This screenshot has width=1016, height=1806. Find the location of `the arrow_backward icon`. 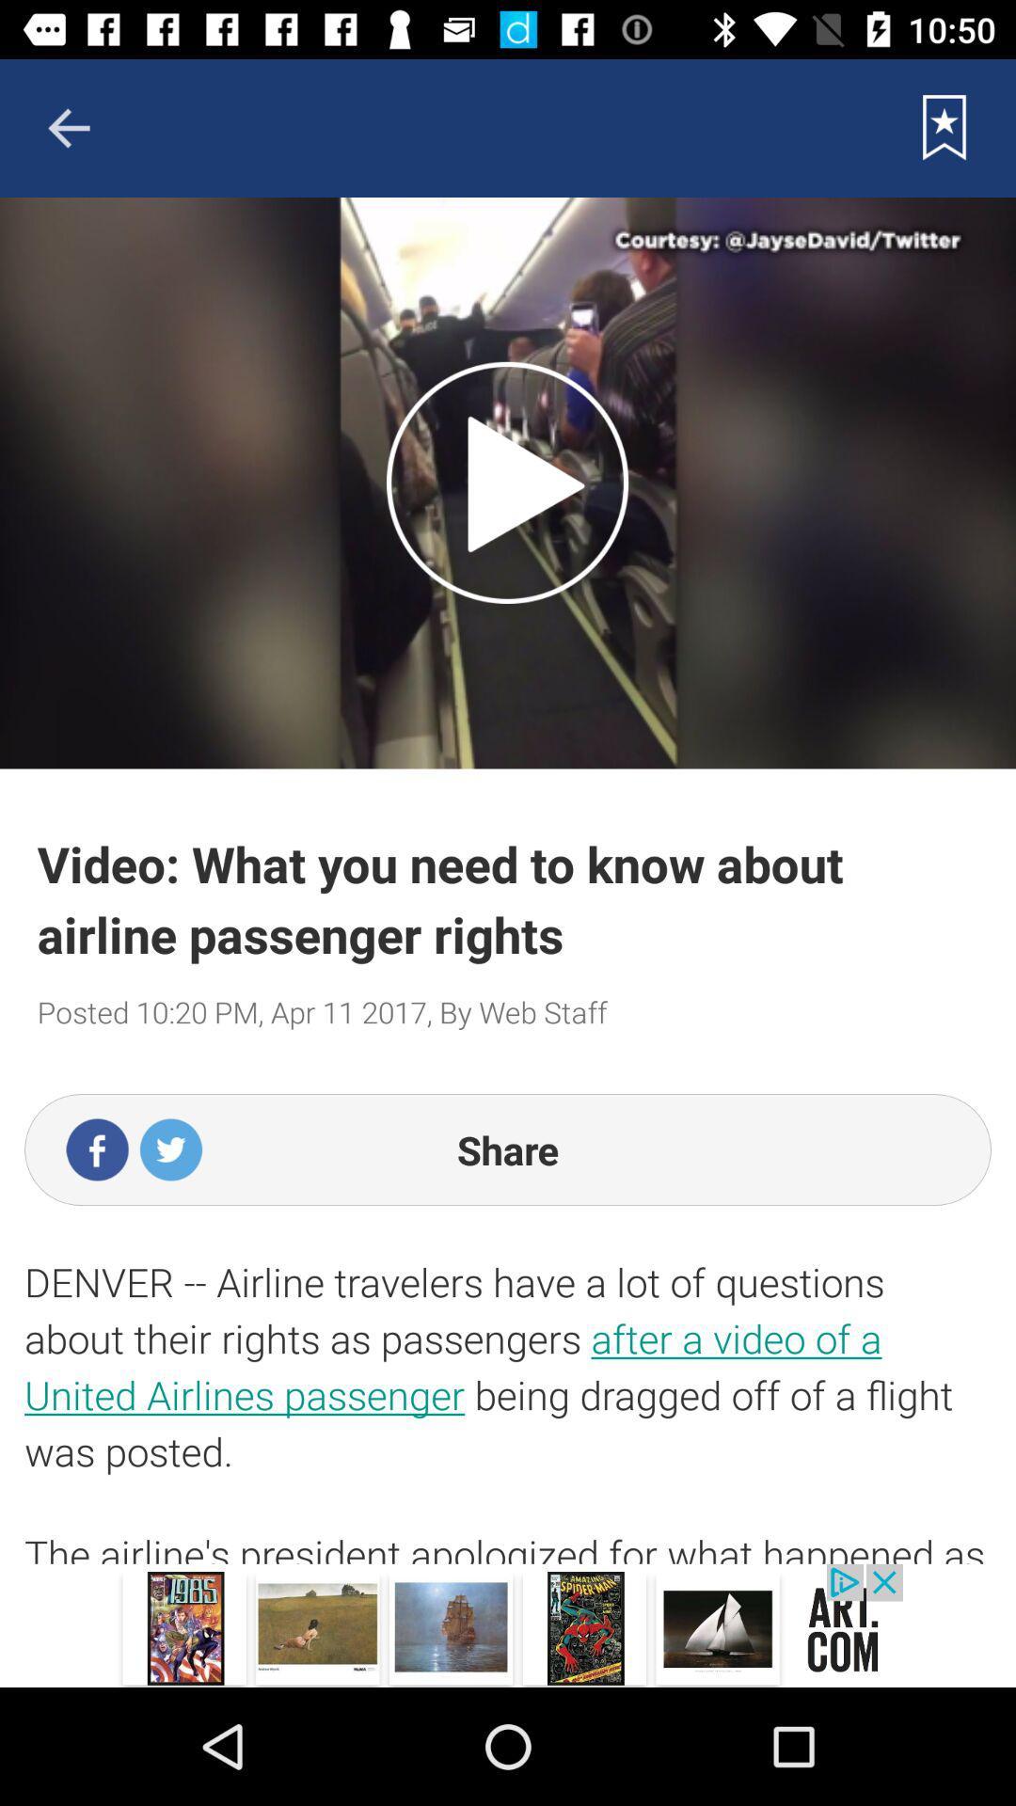

the arrow_backward icon is located at coordinates (68, 127).